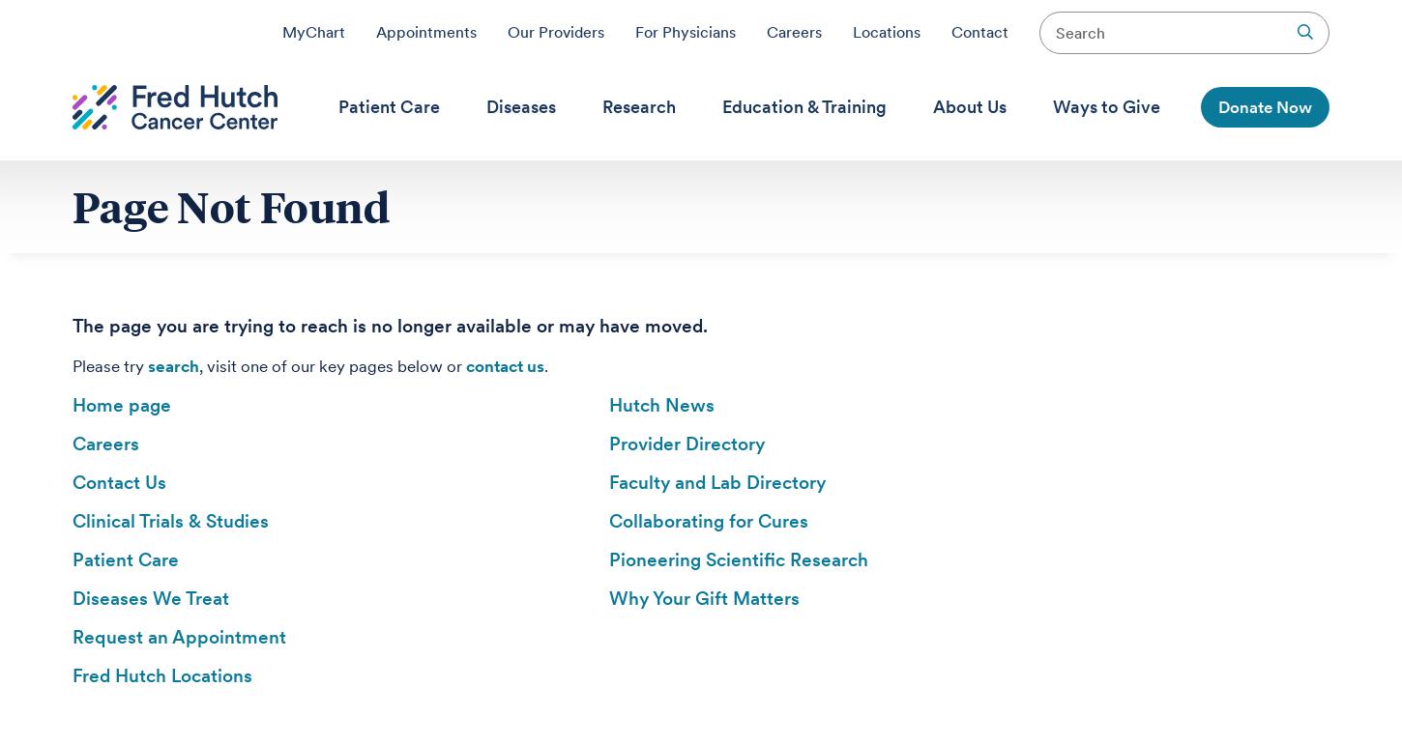 The height and width of the screenshot is (745, 1402). Describe the element at coordinates (686, 443) in the screenshot. I see `'Provider Directory'` at that location.